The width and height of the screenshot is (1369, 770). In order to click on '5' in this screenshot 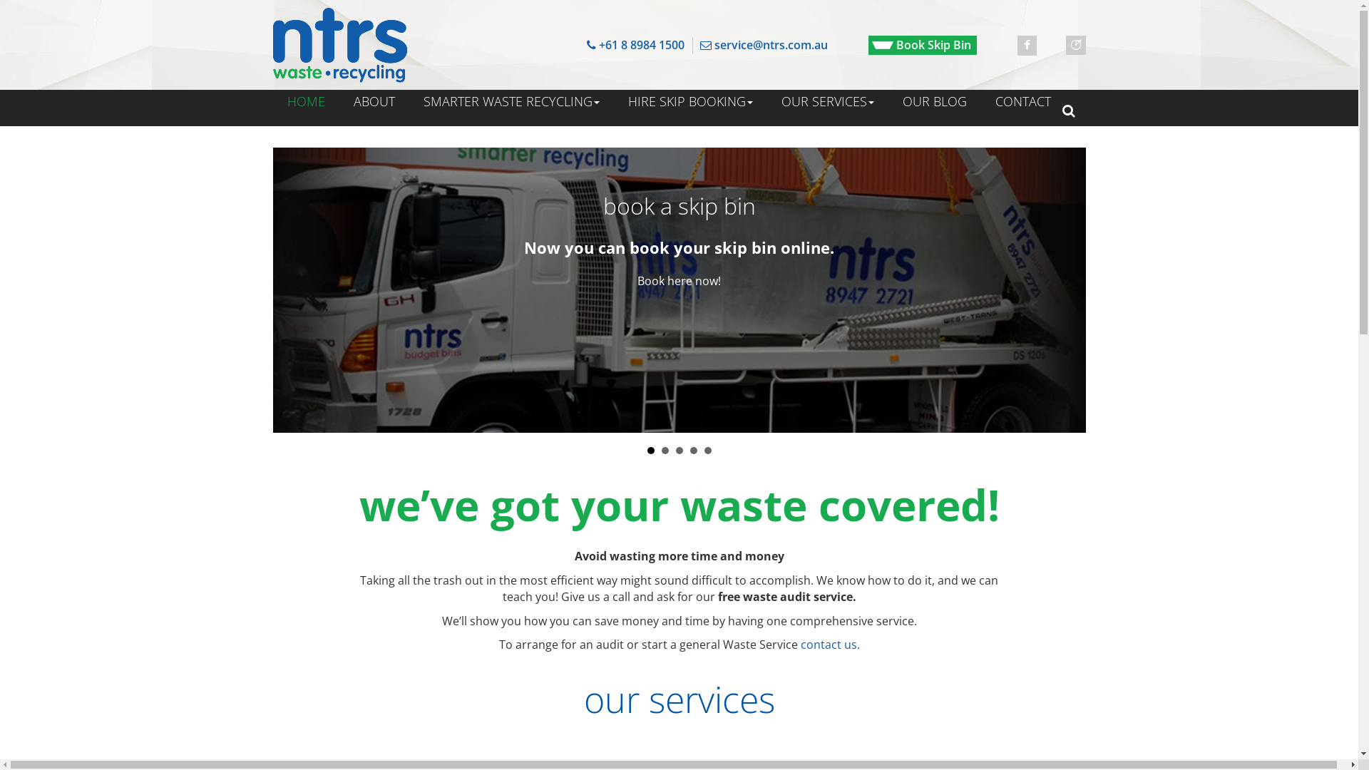, I will do `click(708, 451)`.